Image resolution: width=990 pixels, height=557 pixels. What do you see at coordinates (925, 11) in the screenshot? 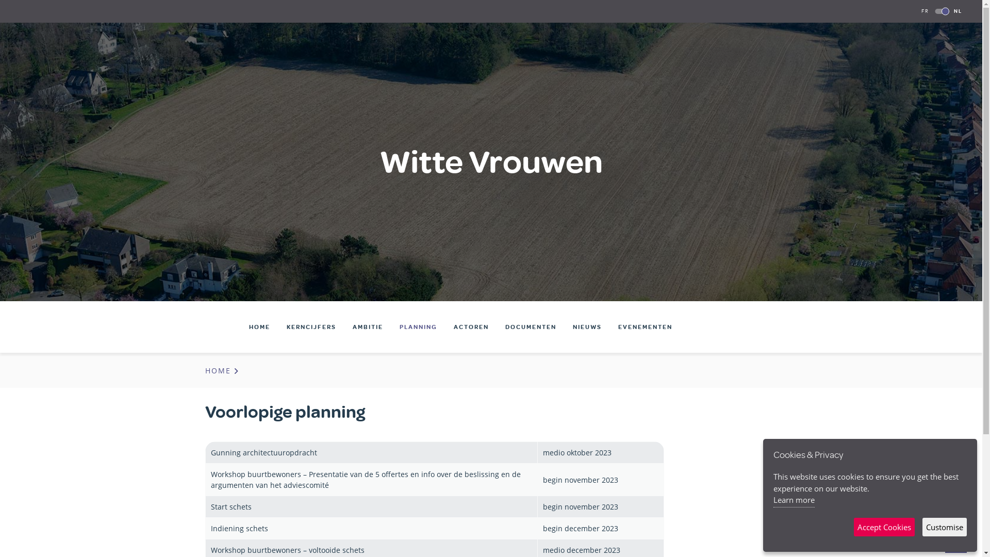
I see `'FR'` at bounding box center [925, 11].